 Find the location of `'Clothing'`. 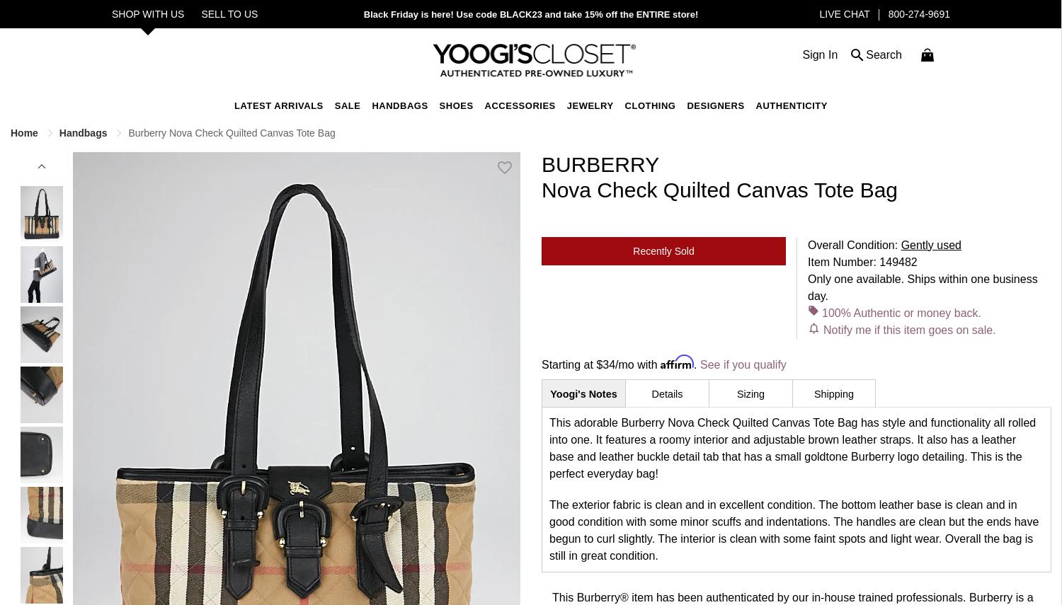

'Clothing' is located at coordinates (650, 105).